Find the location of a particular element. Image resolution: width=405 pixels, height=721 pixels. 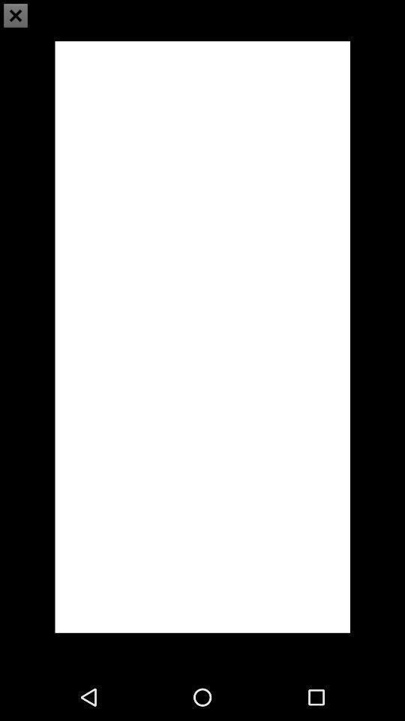

item at the top left corner is located at coordinates (15, 15).